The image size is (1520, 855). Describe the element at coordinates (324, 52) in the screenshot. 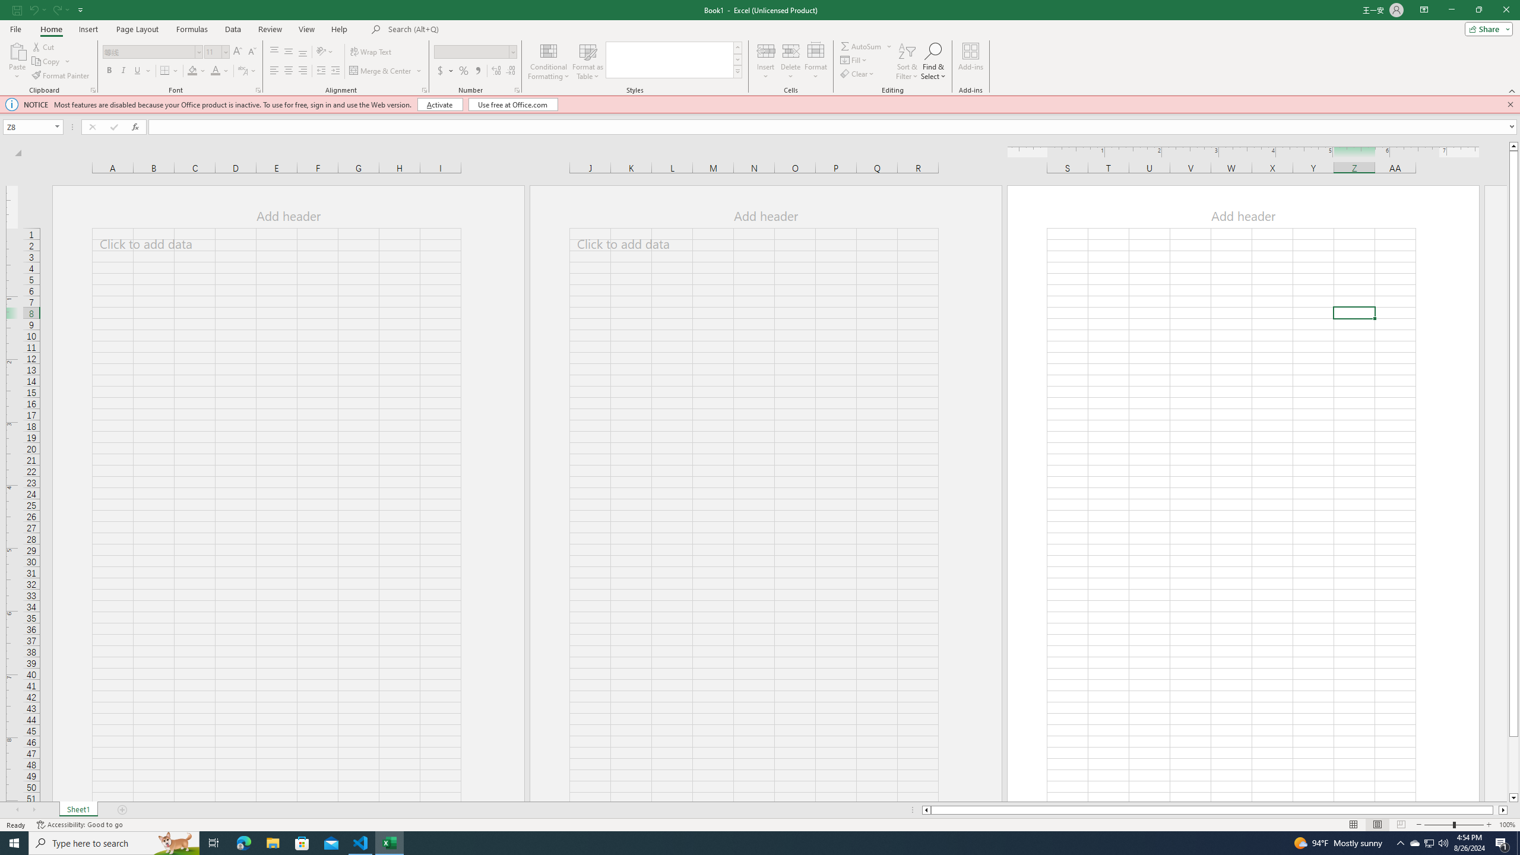

I see `'Orientation'` at that location.